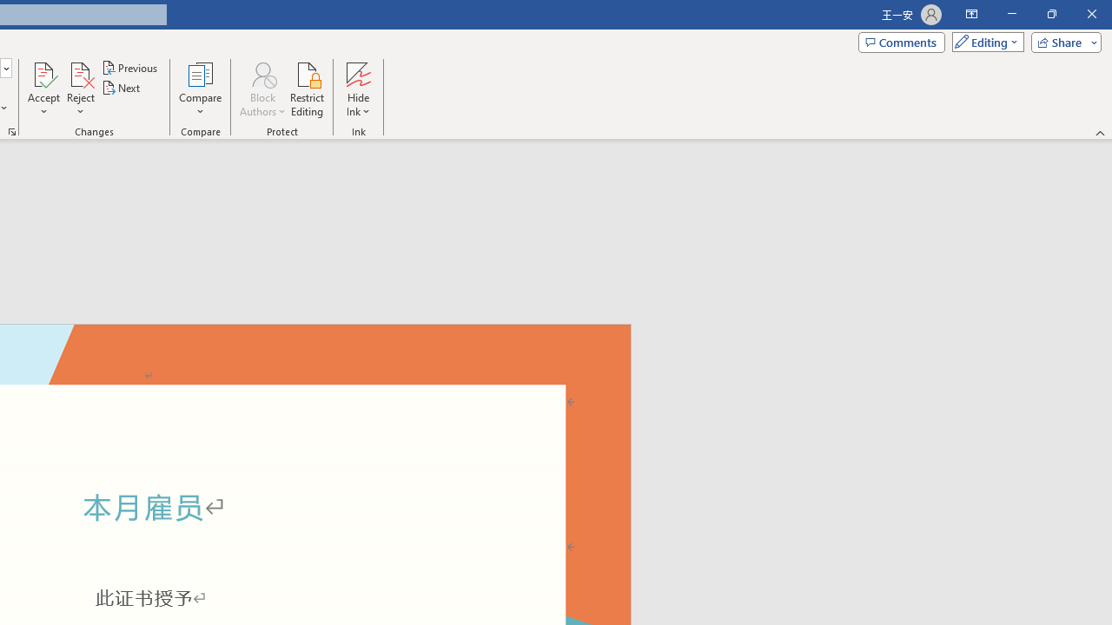 This screenshot has height=625, width=1112. I want to click on 'Block Authors', so click(261, 73).